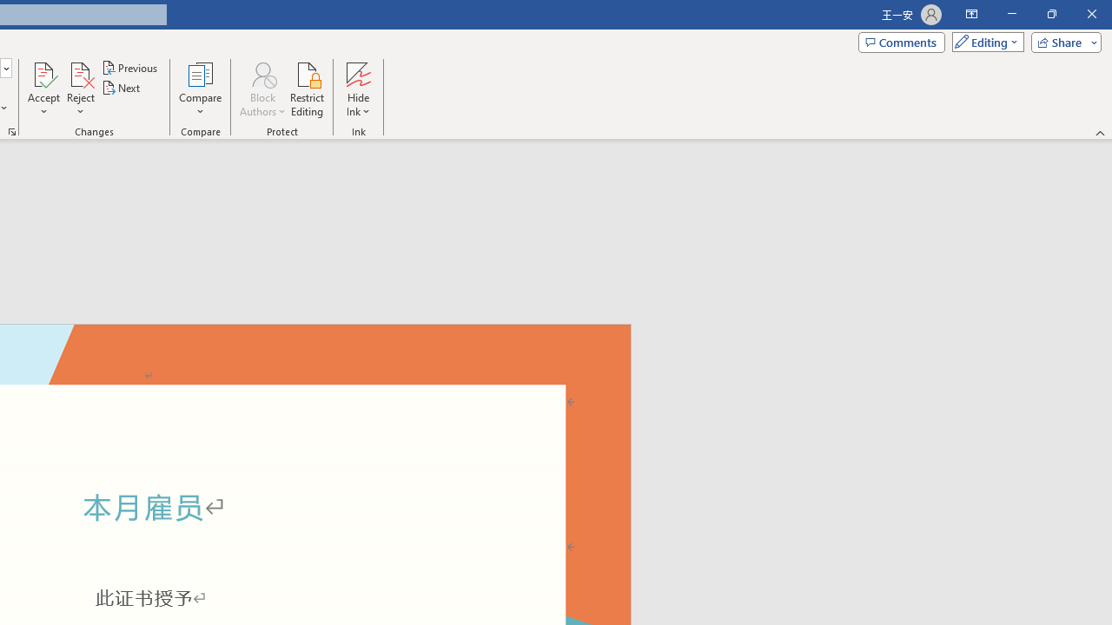 This screenshot has height=625, width=1112. I want to click on 'Block Authors', so click(261, 73).